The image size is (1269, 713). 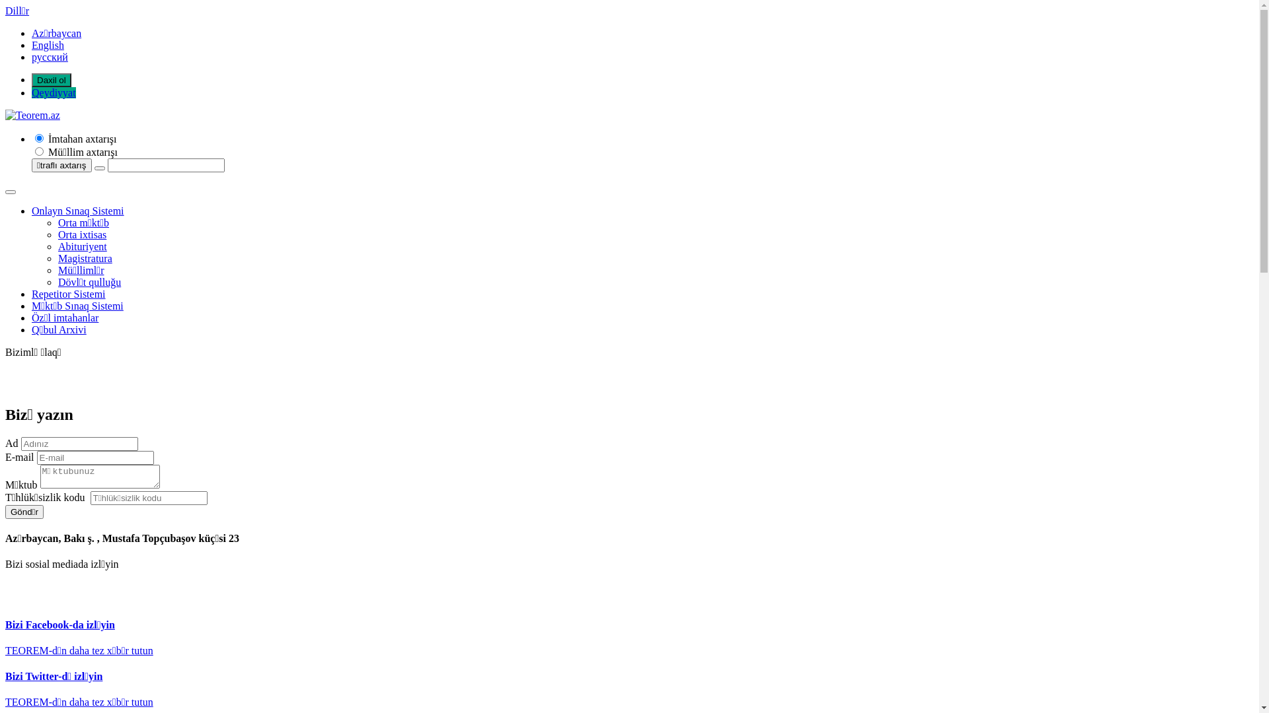 I want to click on 'Qeydiyyat', so click(x=53, y=92).